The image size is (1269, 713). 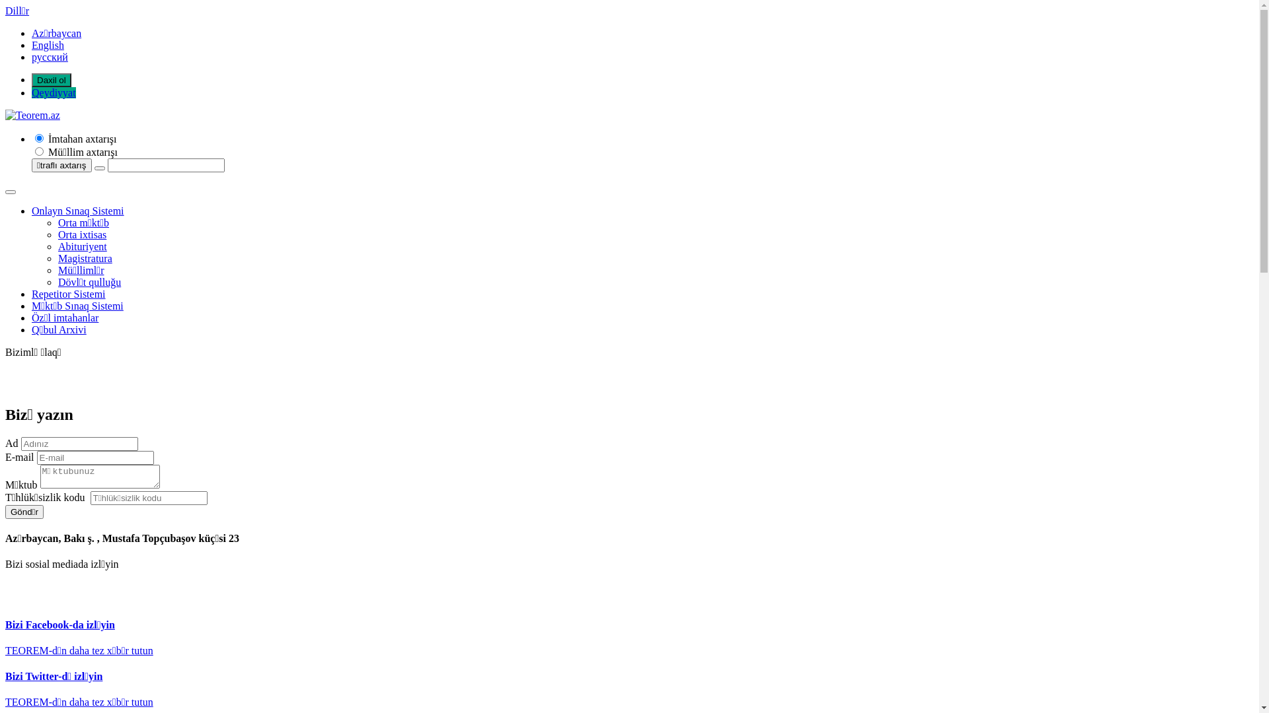 I want to click on 'Qeydiyyat', so click(x=53, y=92).